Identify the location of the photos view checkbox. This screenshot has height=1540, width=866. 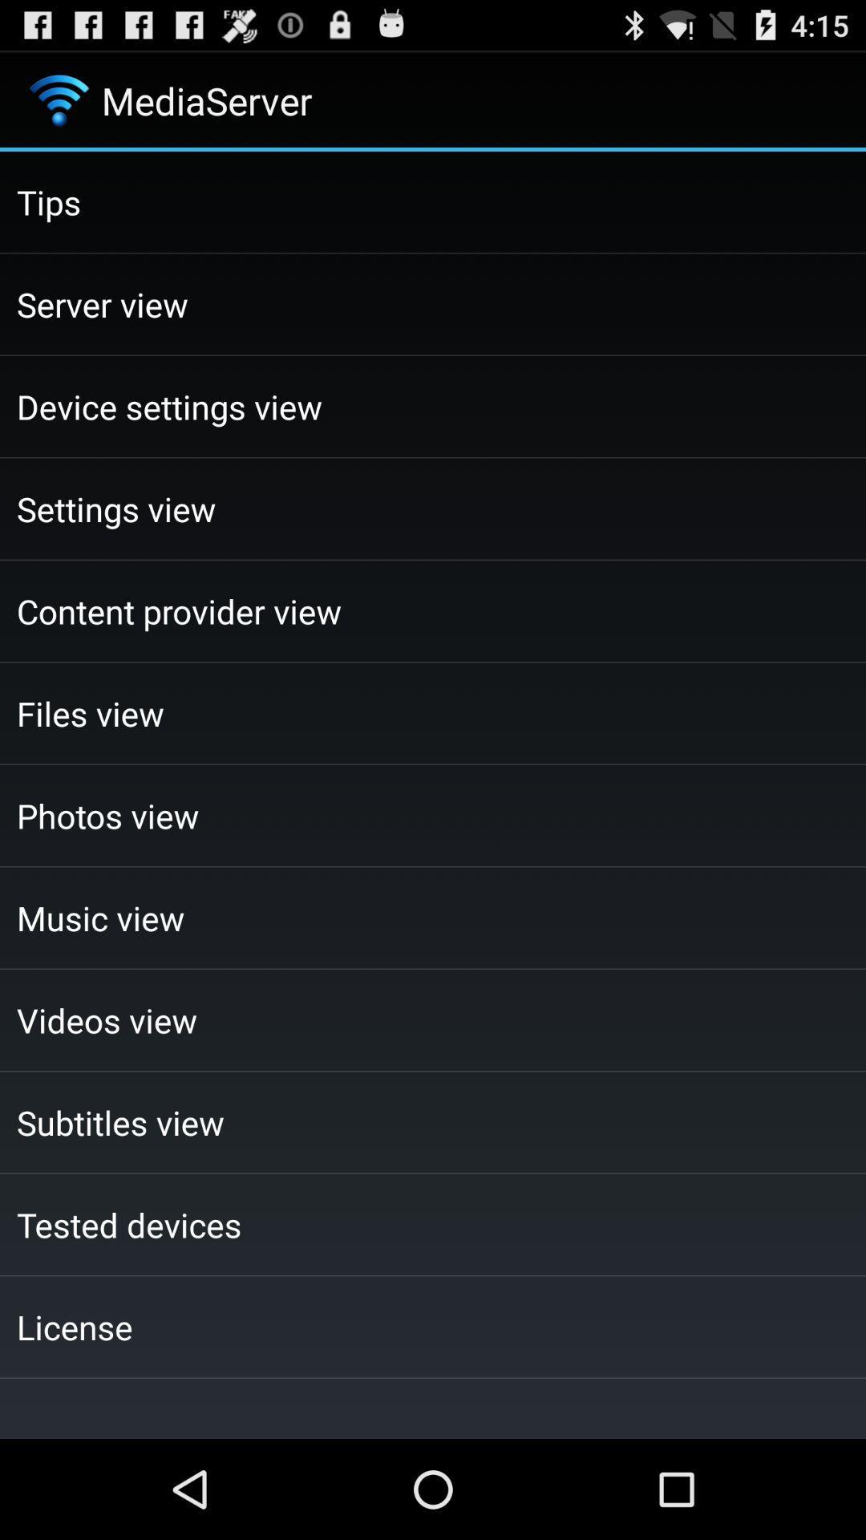
(433, 816).